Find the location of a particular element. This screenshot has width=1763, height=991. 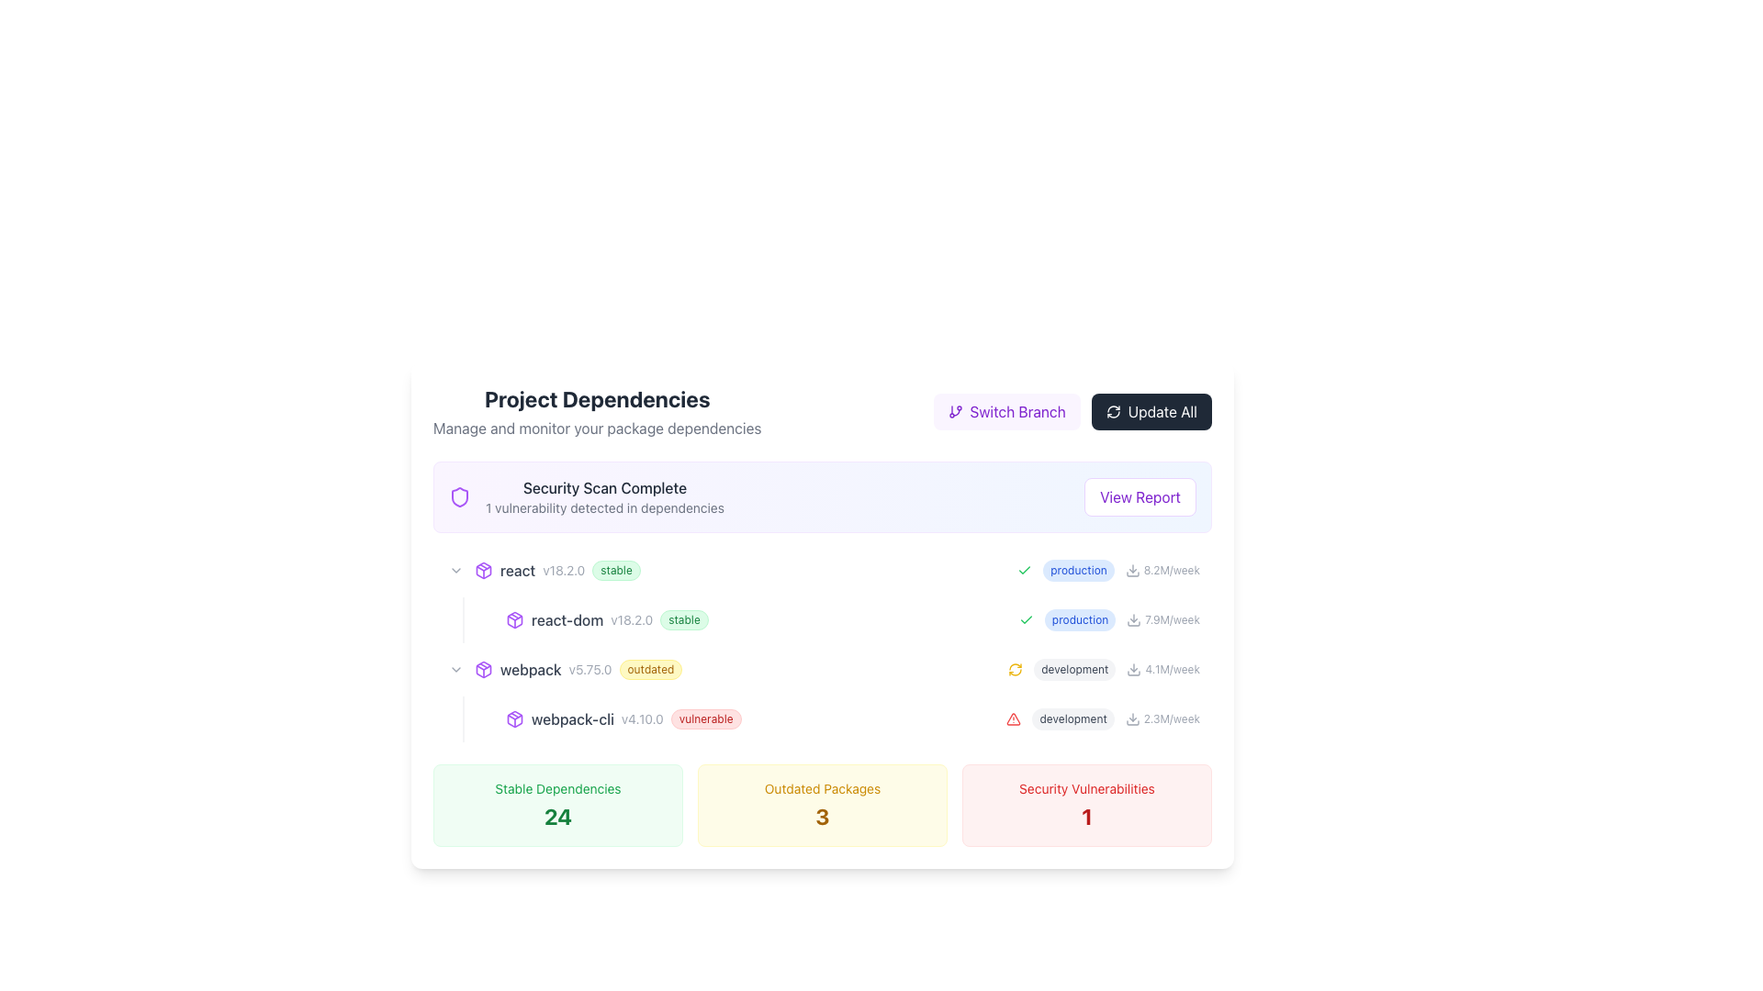

the Text label displaying the version number of the 'webpack' package, which is positioned centrally within the group of project dependencies is located at coordinates (590, 669).